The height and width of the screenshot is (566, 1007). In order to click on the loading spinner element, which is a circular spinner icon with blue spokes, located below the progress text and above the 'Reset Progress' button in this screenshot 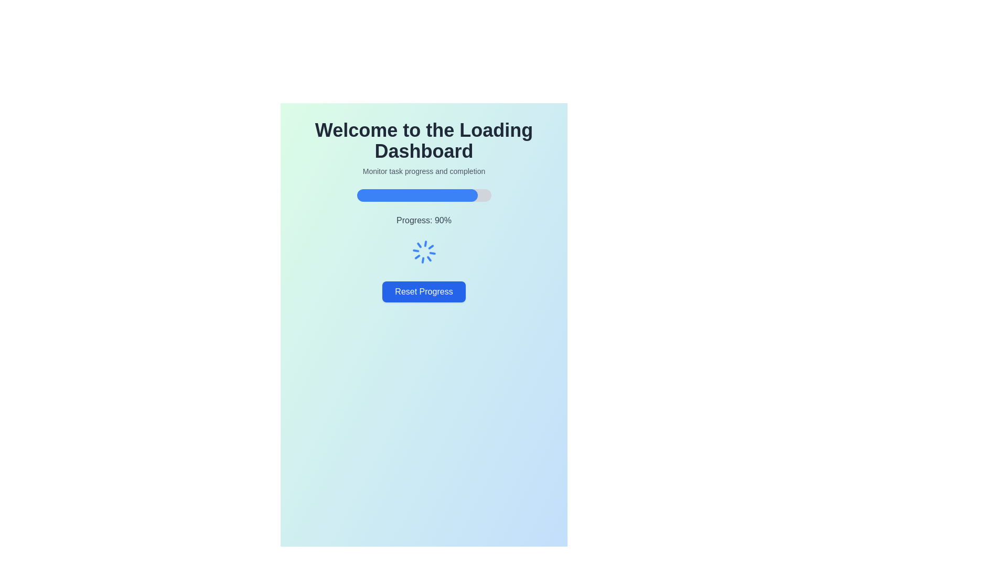, I will do `click(424, 252)`.